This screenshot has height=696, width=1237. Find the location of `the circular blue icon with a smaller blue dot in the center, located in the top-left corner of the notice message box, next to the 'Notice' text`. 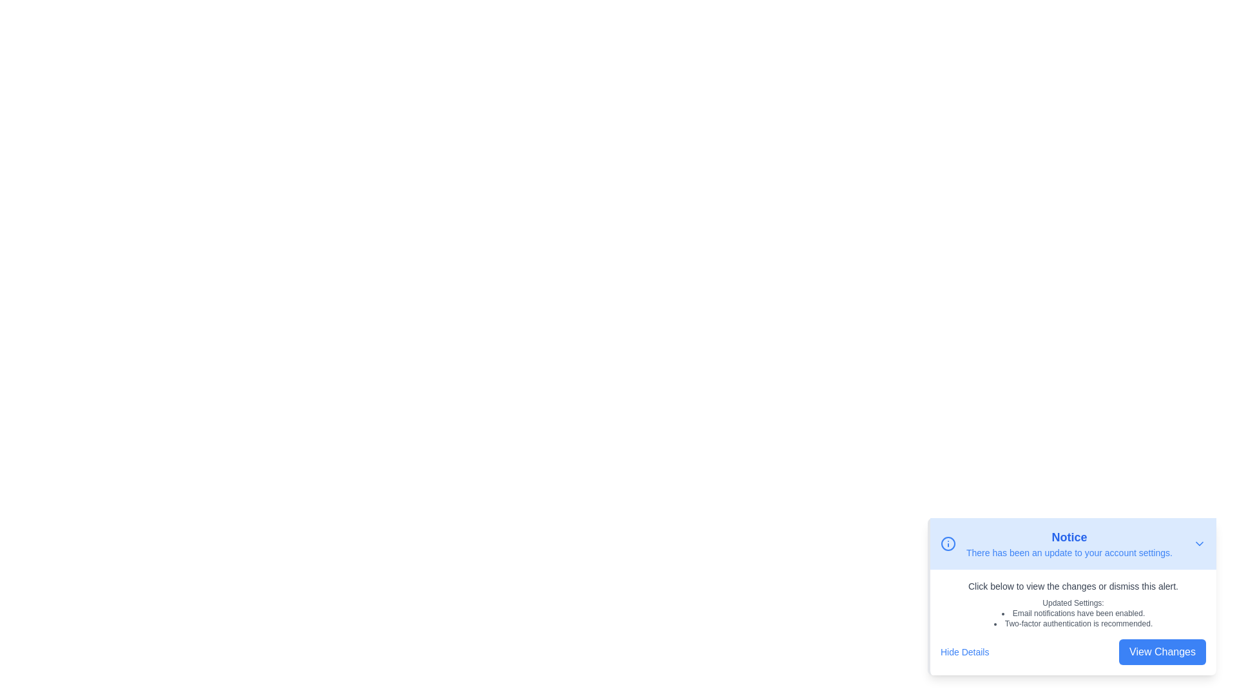

the circular blue icon with a smaller blue dot in the center, located in the top-left corner of the notice message box, next to the 'Notice' text is located at coordinates (948, 544).